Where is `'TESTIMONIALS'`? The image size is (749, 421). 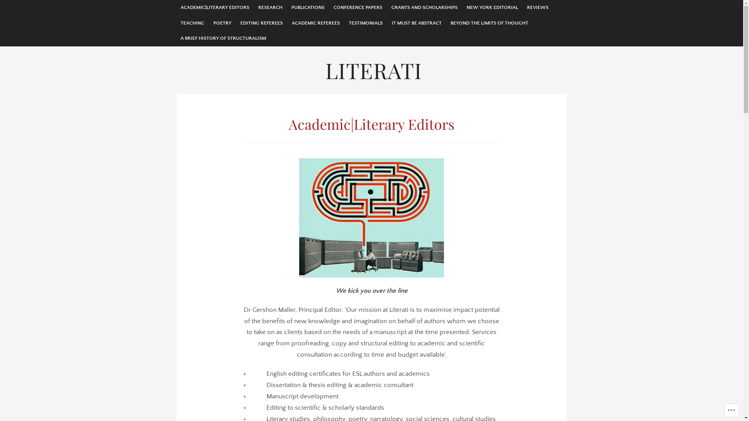 'TESTIMONIALS' is located at coordinates (365, 23).